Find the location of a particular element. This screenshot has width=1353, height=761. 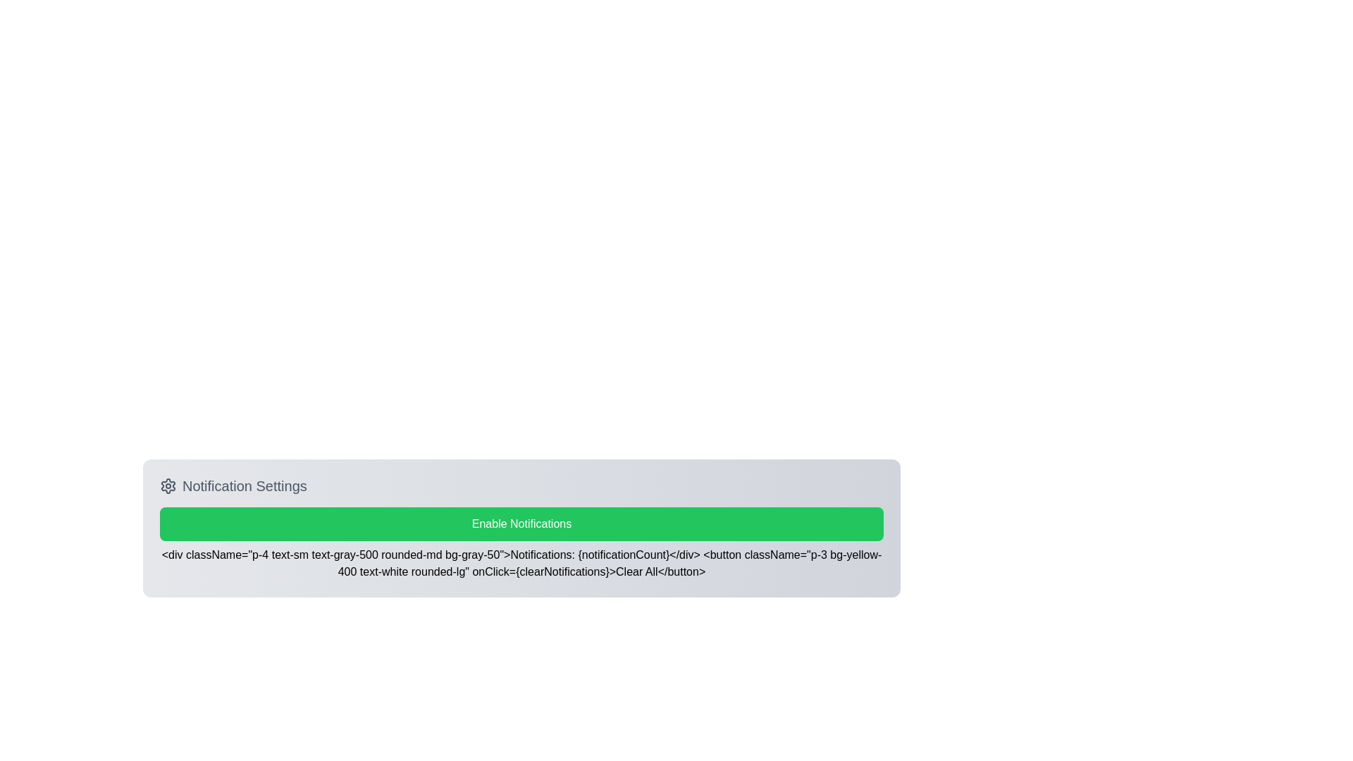

the cogwheel icon located to the left of the 'Notification Settings' text is located at coordinates (168, 485).